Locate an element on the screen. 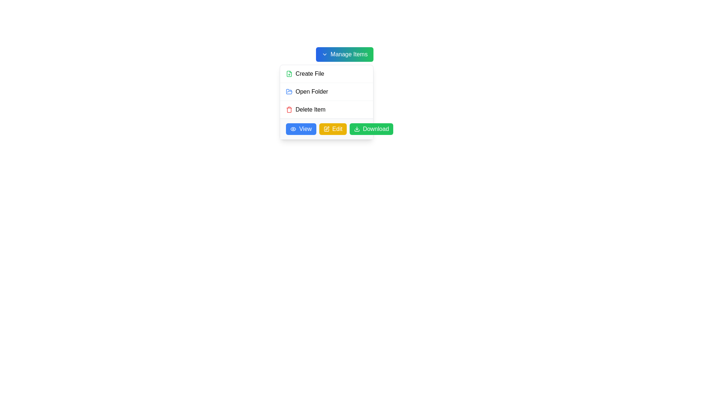 The image size is (703, 395). the 'Open Folder' option in the dropdown menu, which is the second item in the list beneath the 'Manage Items' button is located at coordinates (326, 91).